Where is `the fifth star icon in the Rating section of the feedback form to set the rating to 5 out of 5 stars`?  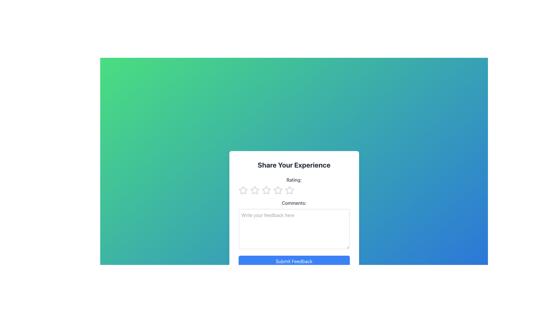 the fifth star icon in the Rating section of the feedback form to set the rating to 5 out of 5 stars is located at coordinates (289, 190).